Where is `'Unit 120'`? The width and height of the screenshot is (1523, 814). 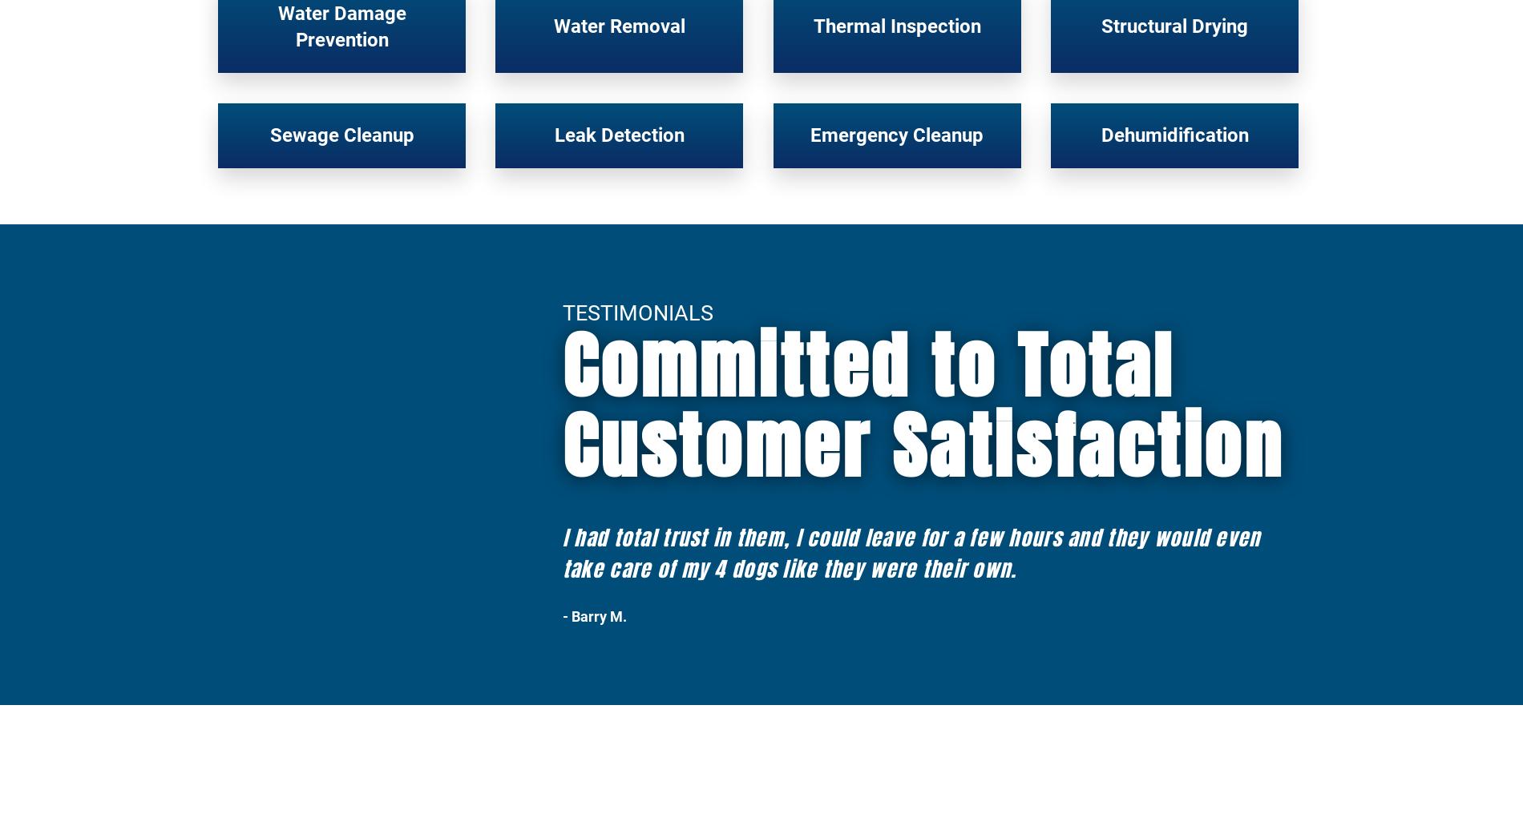 'Unit 120' is located at coordinates (723, 771).